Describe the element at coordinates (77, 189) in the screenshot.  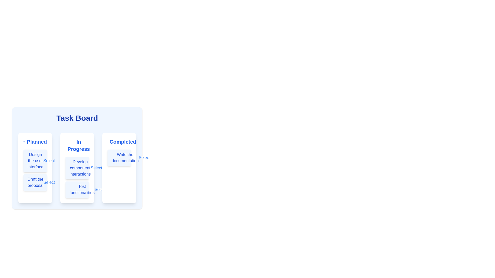
I see `the button labeled 'Test functionalities'` at that location.